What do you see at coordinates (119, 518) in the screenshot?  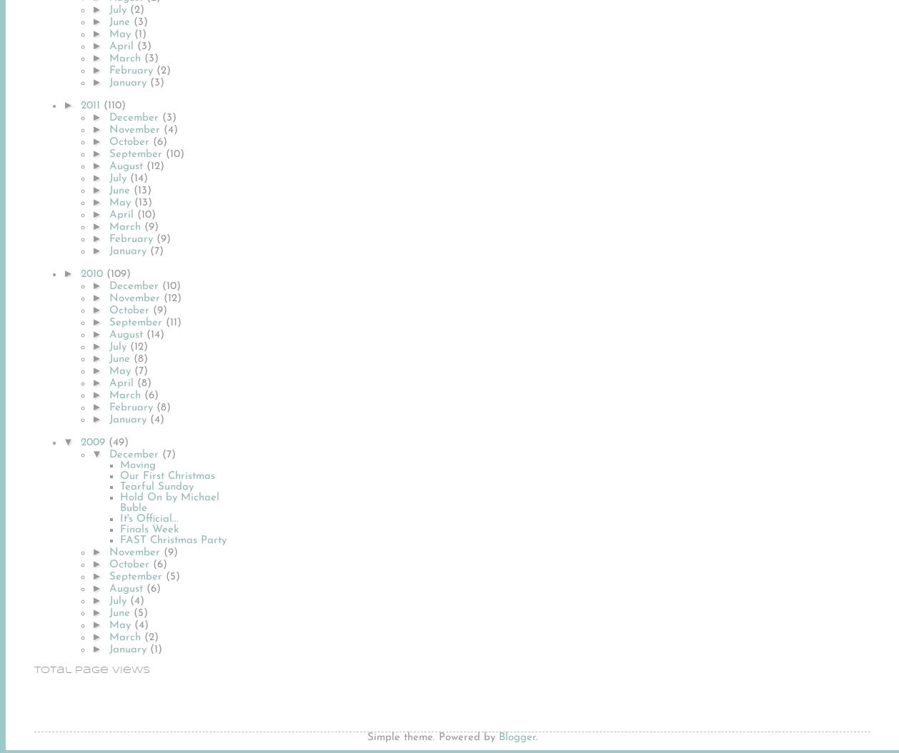 I see `'It's Official...'` at bounding box center [119, 518].